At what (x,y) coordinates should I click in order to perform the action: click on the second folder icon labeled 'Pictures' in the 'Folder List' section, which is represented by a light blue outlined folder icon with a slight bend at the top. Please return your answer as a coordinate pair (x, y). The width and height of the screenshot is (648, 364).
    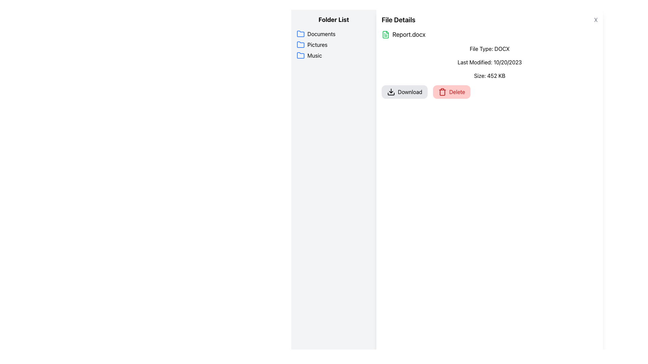
    Looking at the image, I should click on (300, 44).